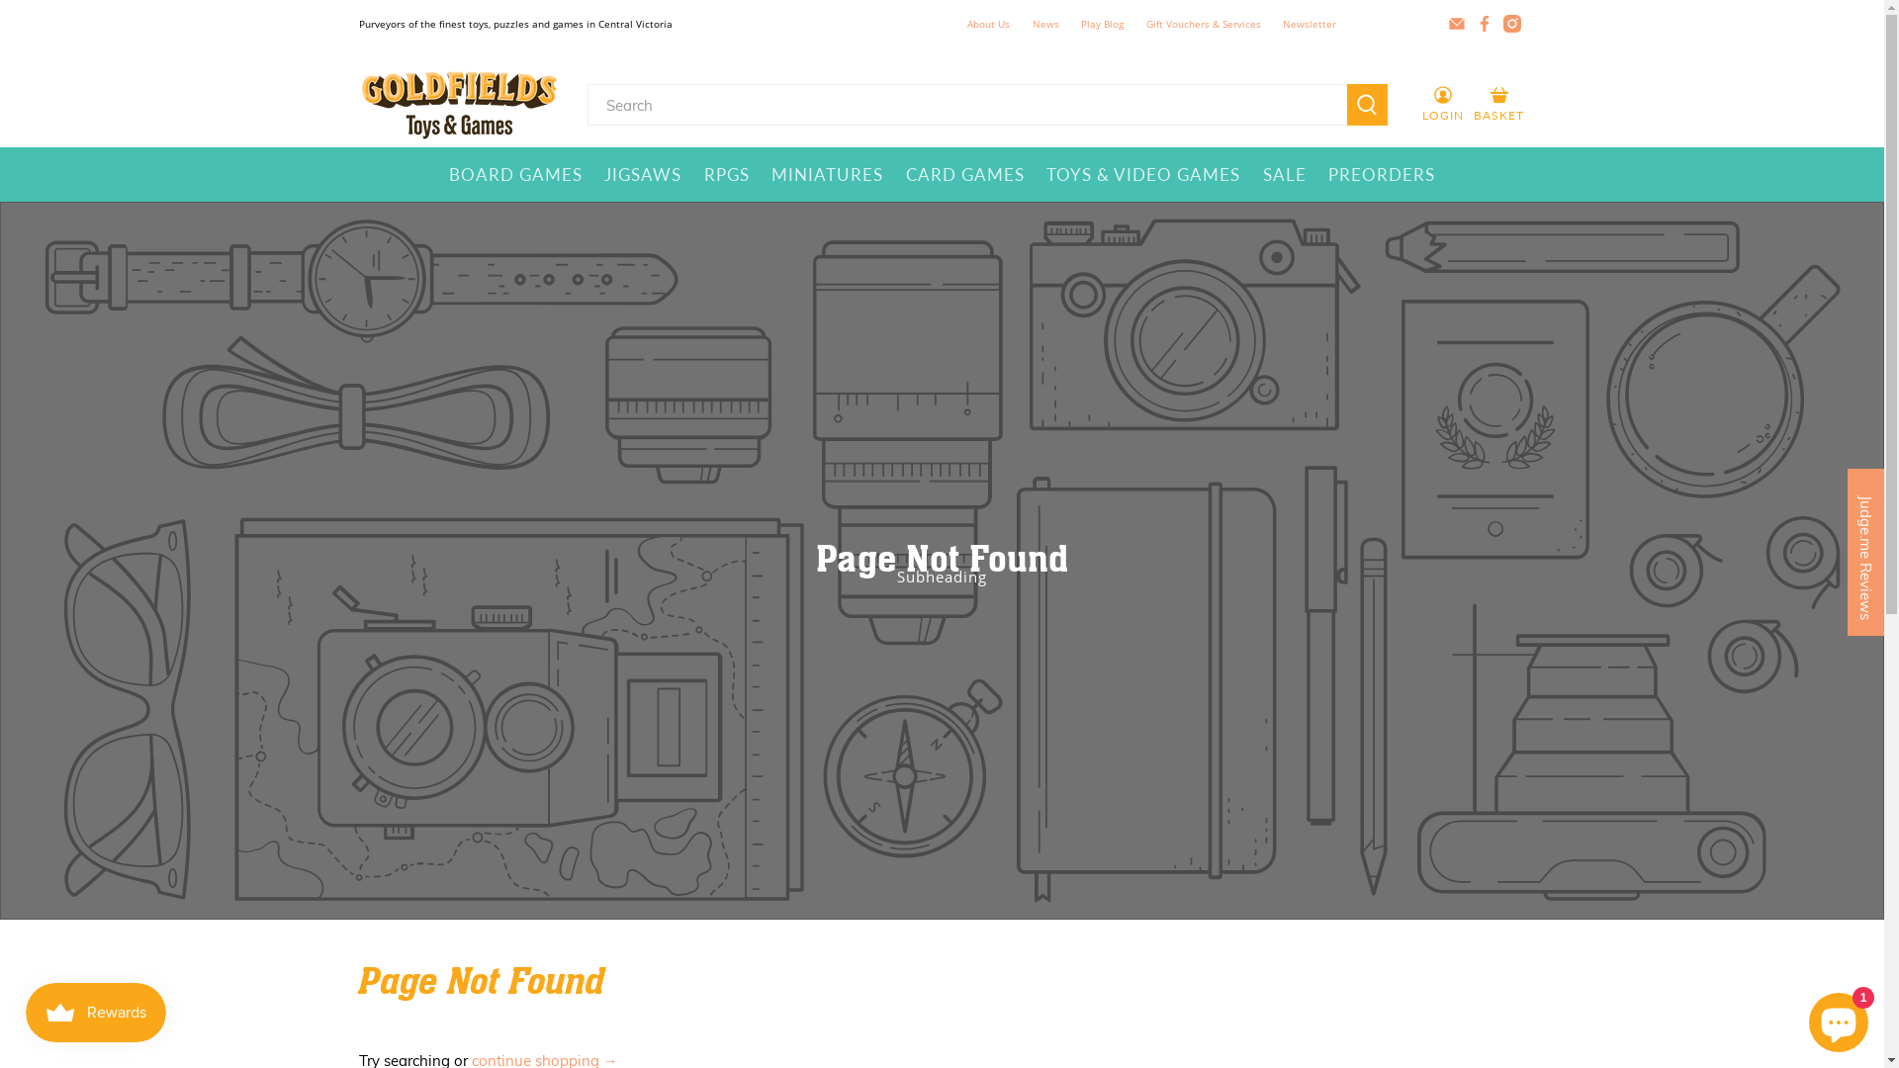  Describe the element at coordinates (1203, 24) in the screenshot. I see `'Gift Vouchers & Services'` at that location.